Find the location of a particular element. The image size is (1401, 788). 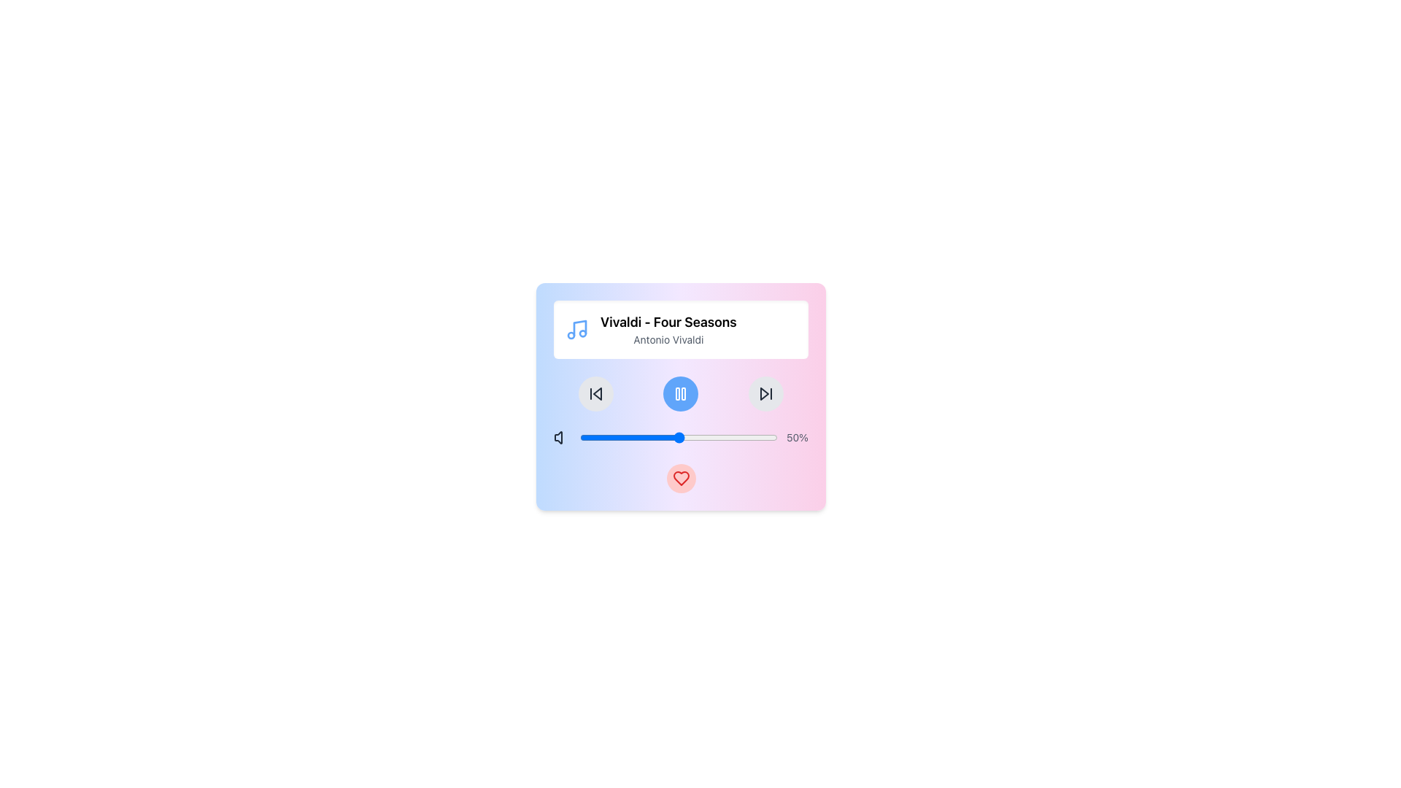

the circular blue button with a white pause icon is located at coordinates (680, 394).